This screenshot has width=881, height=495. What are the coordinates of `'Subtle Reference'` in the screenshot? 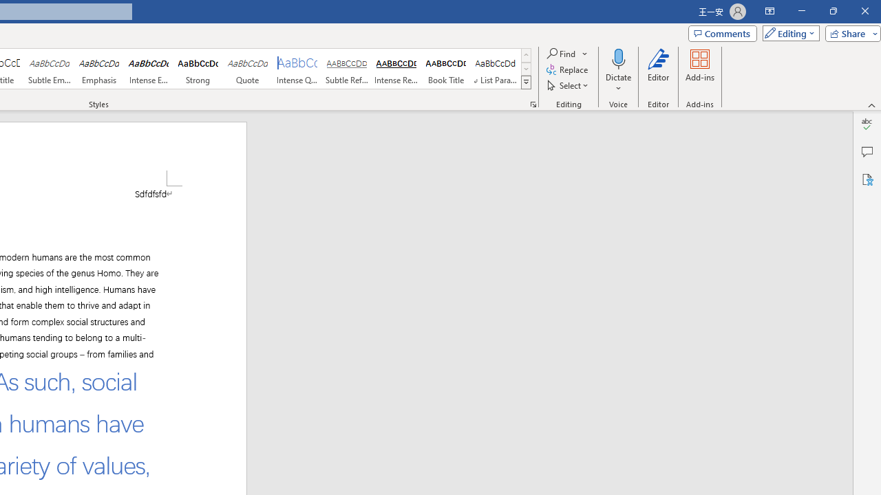 It's located at (347, 69).